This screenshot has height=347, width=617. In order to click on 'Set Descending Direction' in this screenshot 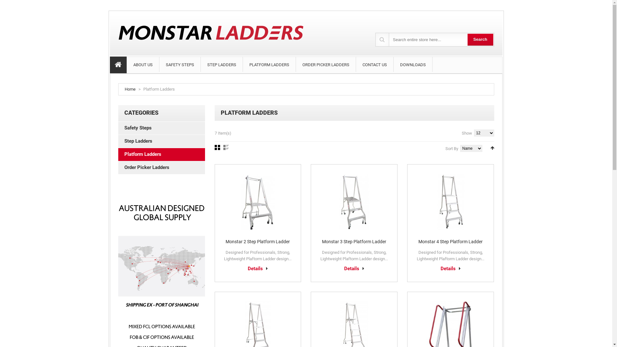, I will do `click(492, 148)`.